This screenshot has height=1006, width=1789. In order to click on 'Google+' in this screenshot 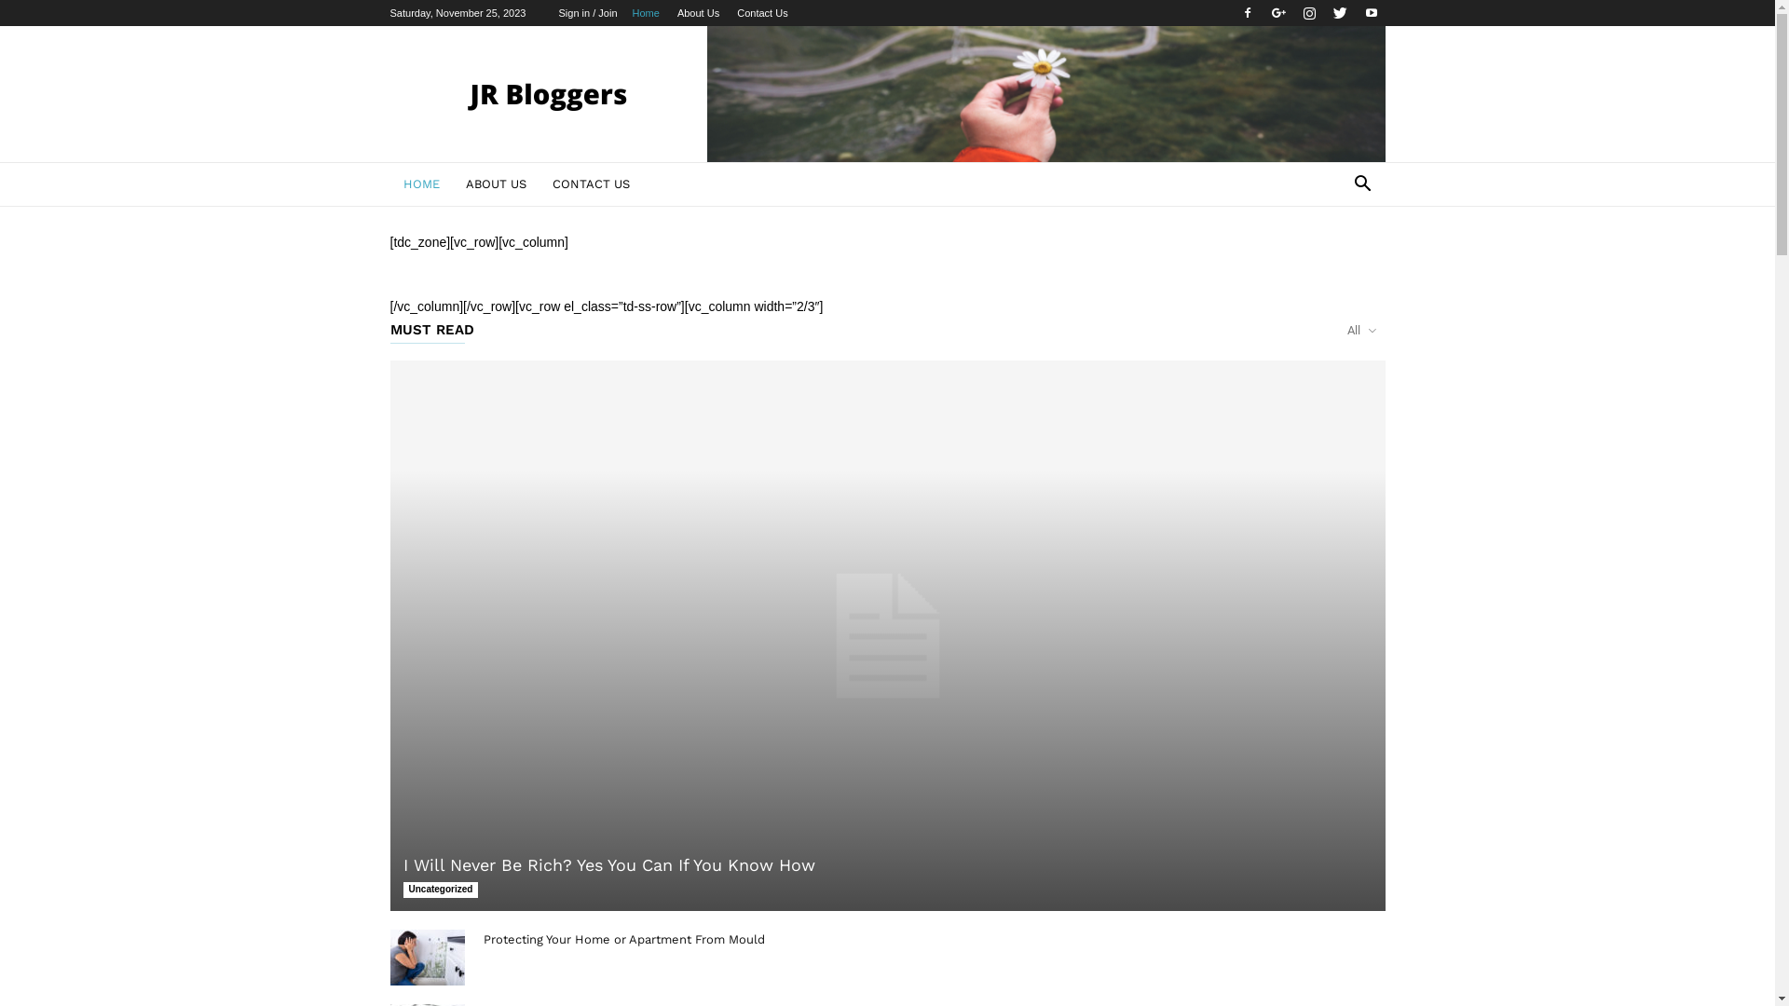, I will do `click(1264, 13)`.